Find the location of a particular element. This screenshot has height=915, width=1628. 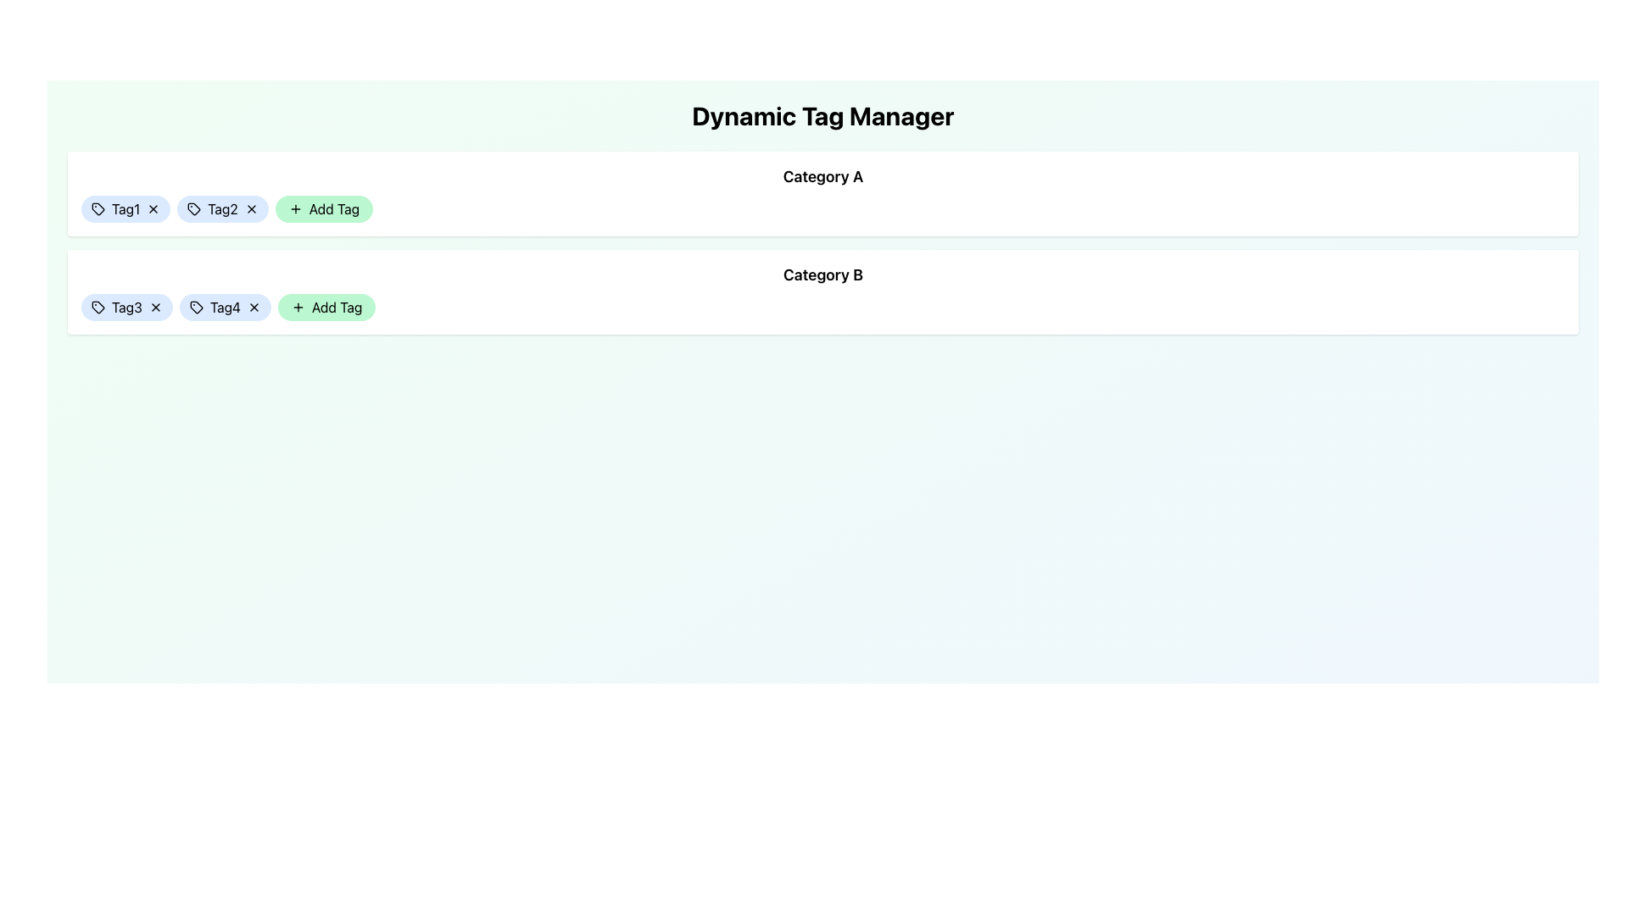

the delete button for the 'Tag2' tag in 'Category A' to change its color is located at coordinates (250, 208).